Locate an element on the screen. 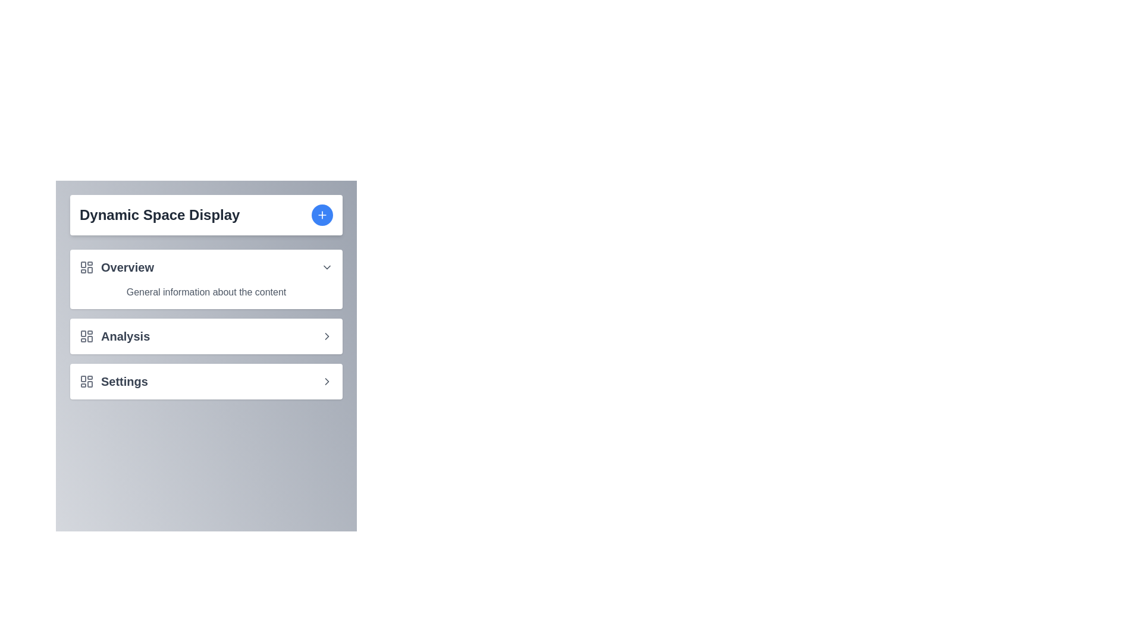 The image size is (1142, 642). the 'Overview' navigation link, which includes a dashboard icon and the text label 'Overview' is located at coordinates (117, 267).